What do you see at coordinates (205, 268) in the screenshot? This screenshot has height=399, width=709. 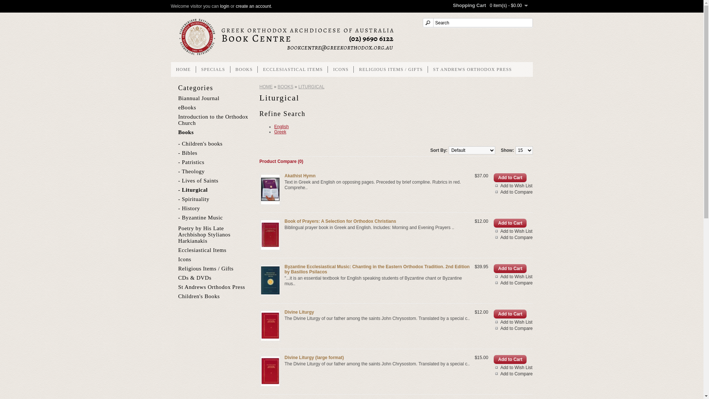 I see `'Religious Items / Gifts'` at bounding box center [205, 268].